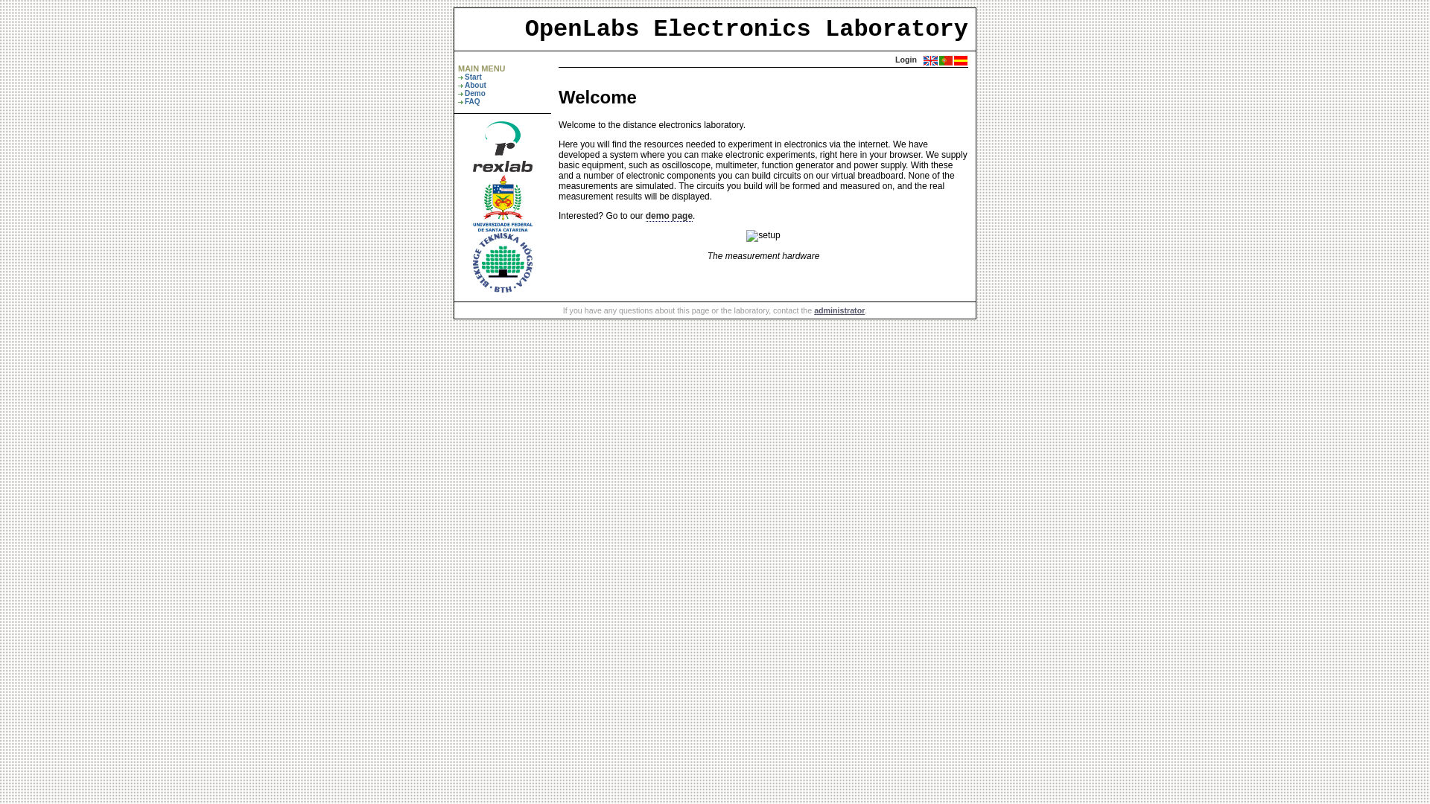 The height and width of the screenshot is (804, 1430). Describe the element at coordinates (763, 234) in the screenshot. I see `'setup'` at that location.